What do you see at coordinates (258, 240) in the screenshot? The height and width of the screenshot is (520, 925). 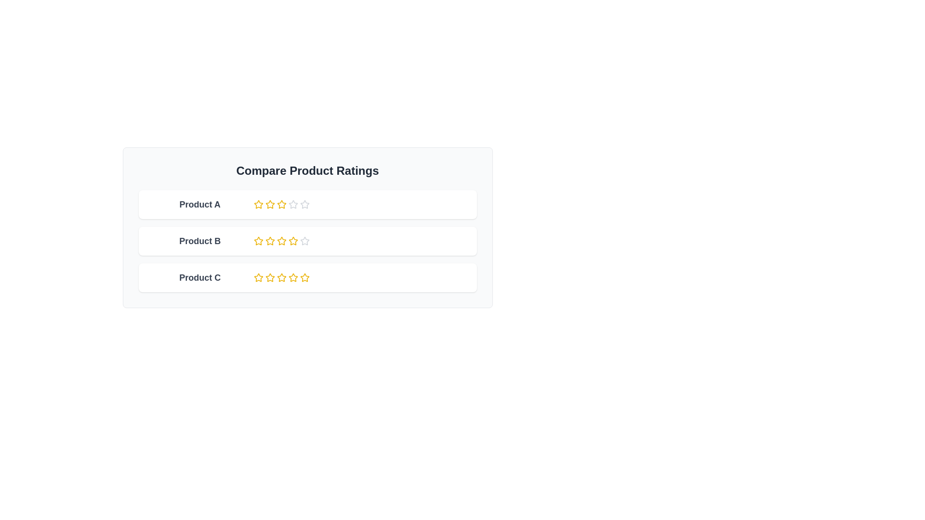 I see `the second star icon in the rating row for 'Product B'` at bounding box center [258, 240].